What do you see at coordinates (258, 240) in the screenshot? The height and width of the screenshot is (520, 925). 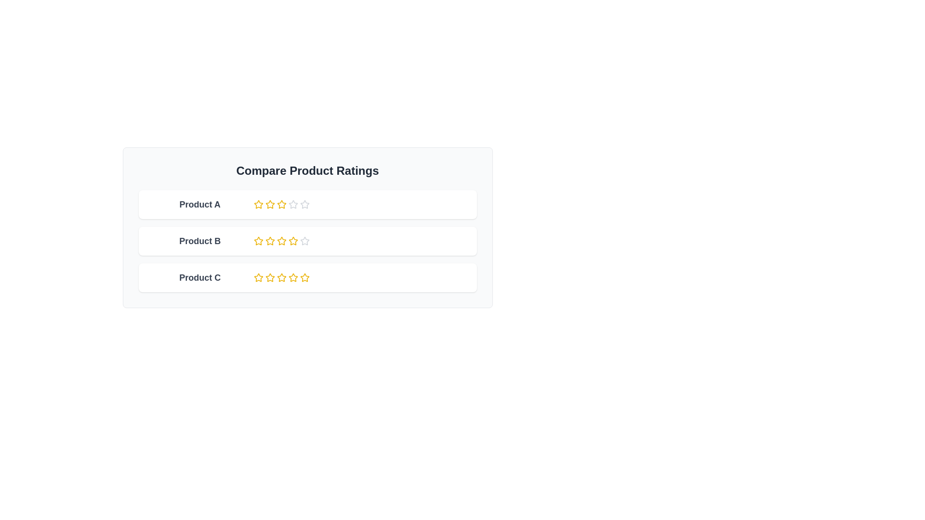 I see `the second star icon in the rating row for 'Product B'` at bounding box center [258, 240].